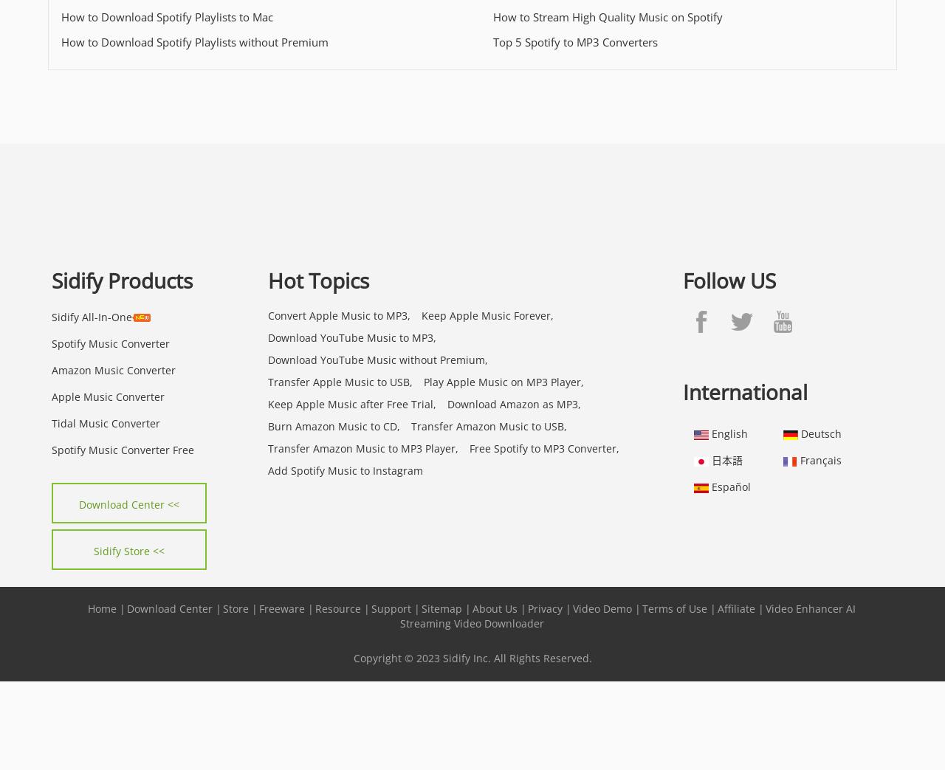 The image size is (945, 770). What do you see at coordinates (674, 608) in the screenshot?
I see `'Terms of Use'` at bounding box center [674, 608].